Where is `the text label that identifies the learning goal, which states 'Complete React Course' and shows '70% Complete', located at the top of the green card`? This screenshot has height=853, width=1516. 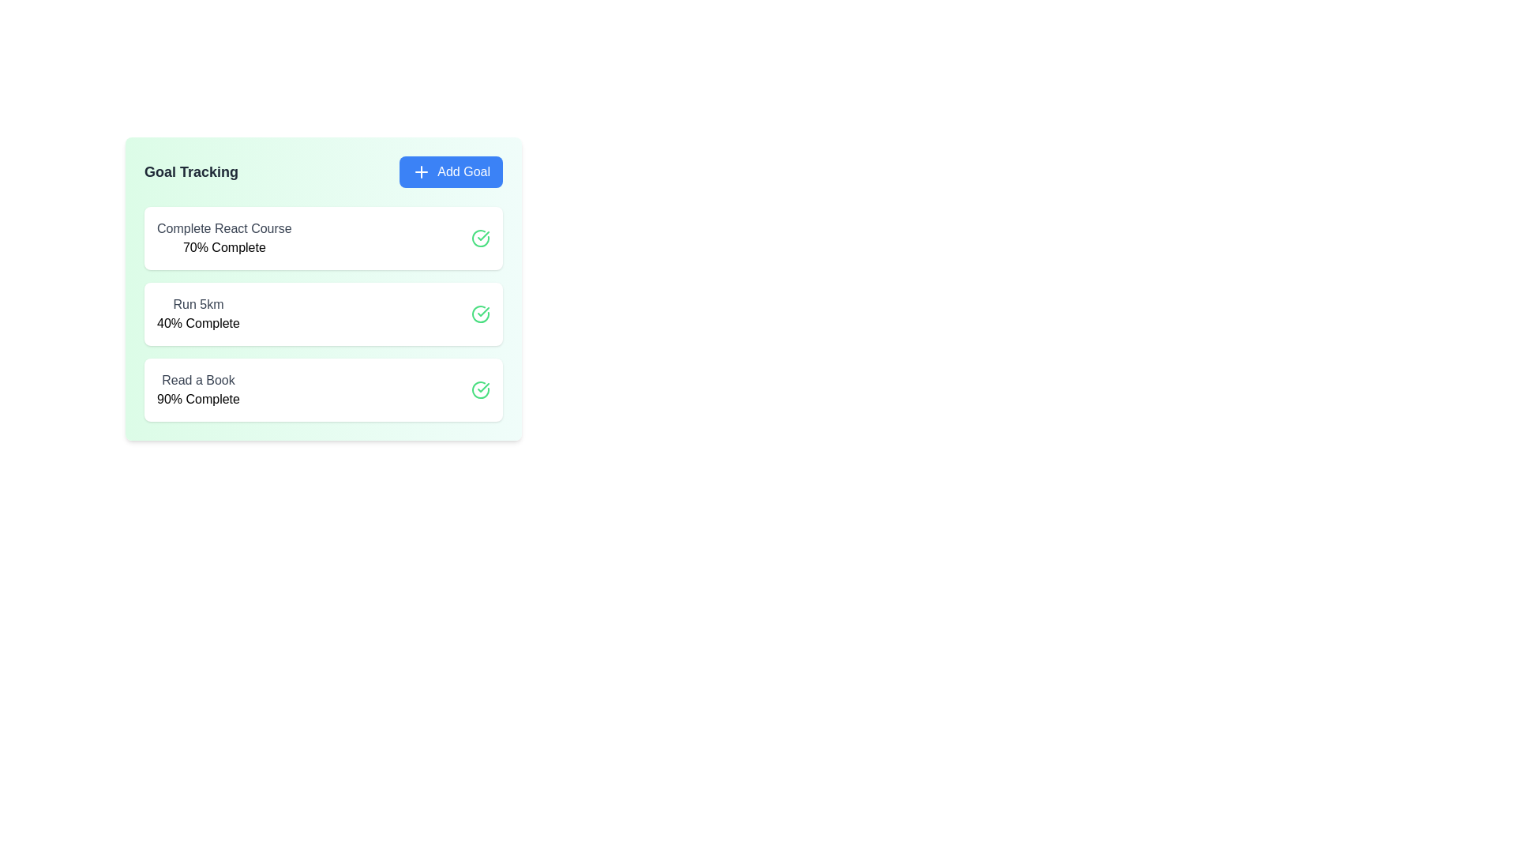 the text label that identifies the learning goal, which states 'Complete React Course' and shows '70% Complete', located at the top of the green card is located at coordinates (223, 228).